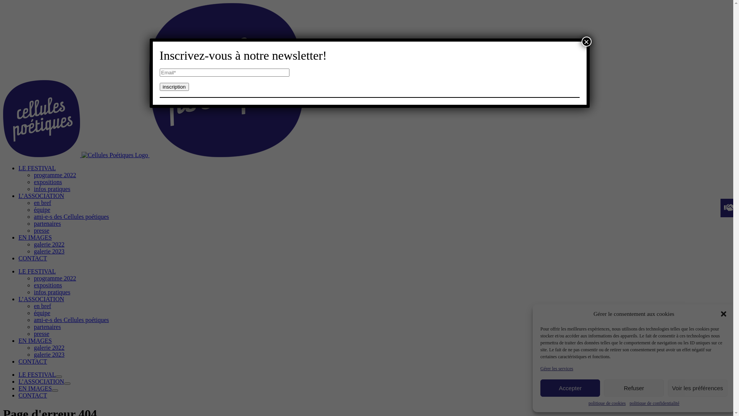  Describe the element at coordinates (37, 374) in the screenshot. I see `'LE FESTIVAL'` at that location.